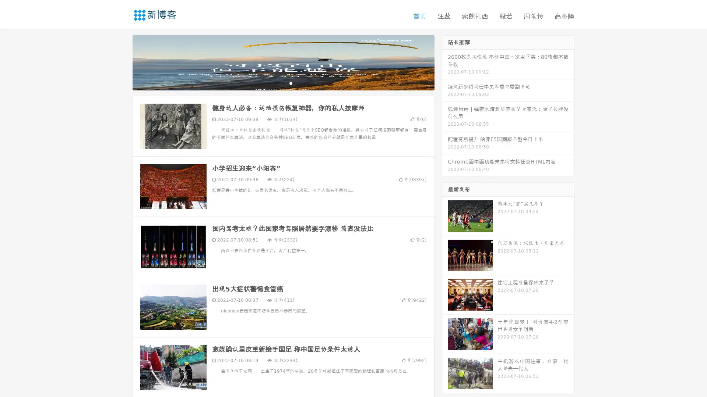  I want to click on Next slide, so click(445, 62).